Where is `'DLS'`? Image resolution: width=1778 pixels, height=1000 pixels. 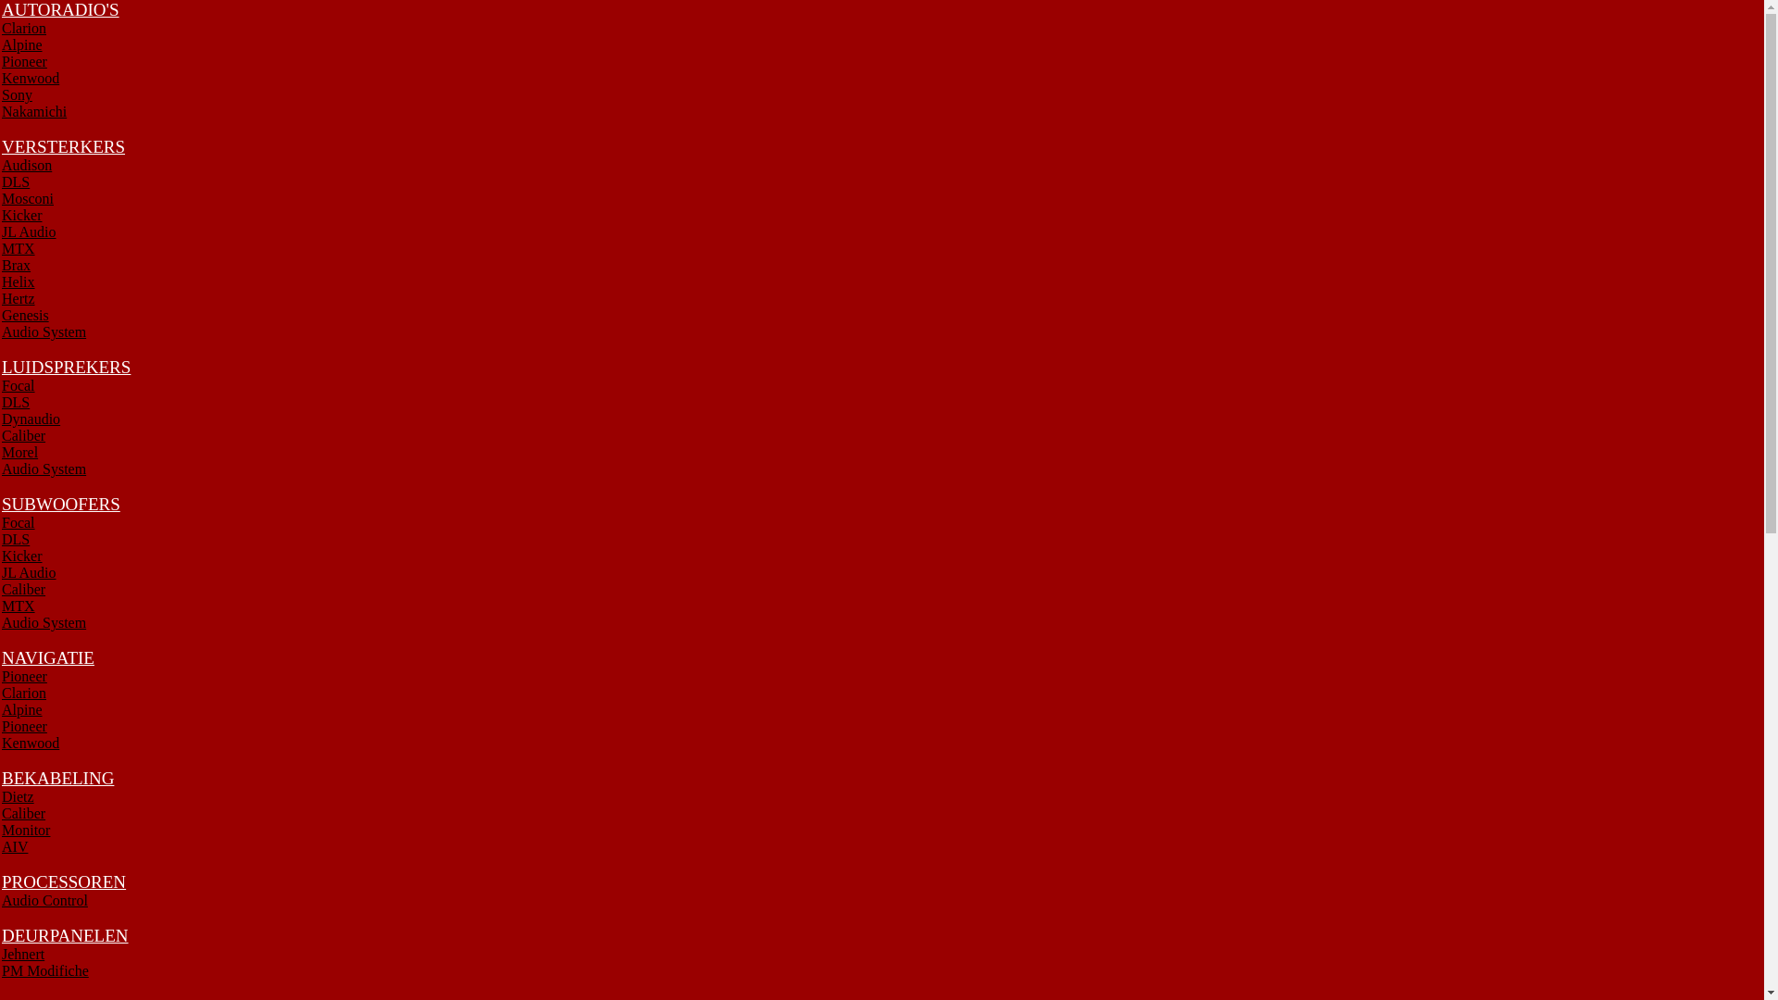
'DLS' is located at coordinates (16, 539).